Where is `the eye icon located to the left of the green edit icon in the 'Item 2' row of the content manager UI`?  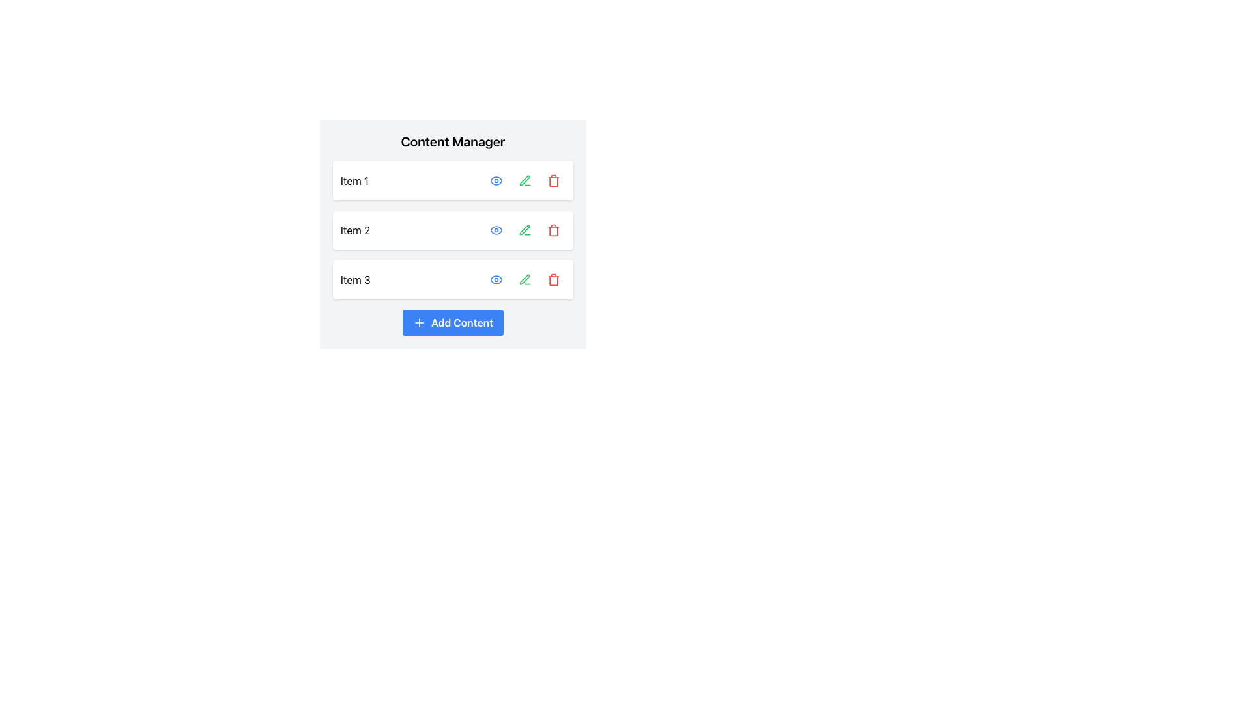 the eye icon located to the left of the green edit icon in the 'Item 2' row of the content manager UI is located at coordinates (496, 230).